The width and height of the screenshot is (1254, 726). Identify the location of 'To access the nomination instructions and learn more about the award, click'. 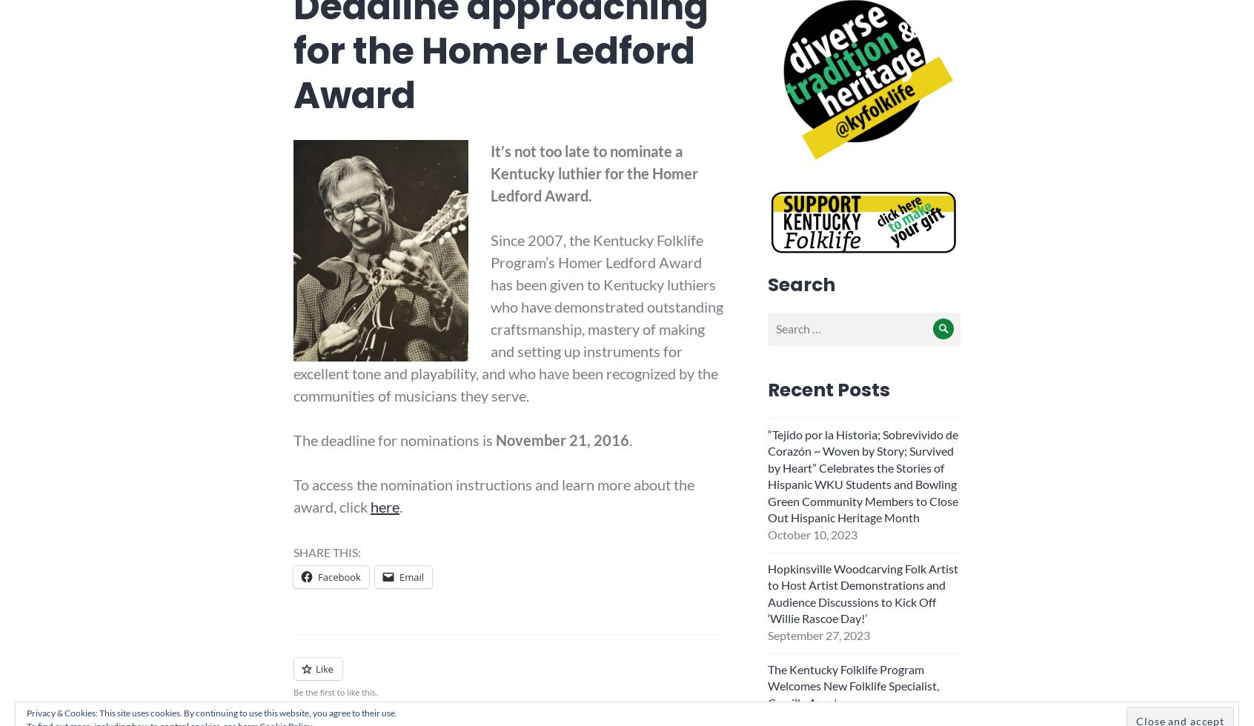
(494, 494).